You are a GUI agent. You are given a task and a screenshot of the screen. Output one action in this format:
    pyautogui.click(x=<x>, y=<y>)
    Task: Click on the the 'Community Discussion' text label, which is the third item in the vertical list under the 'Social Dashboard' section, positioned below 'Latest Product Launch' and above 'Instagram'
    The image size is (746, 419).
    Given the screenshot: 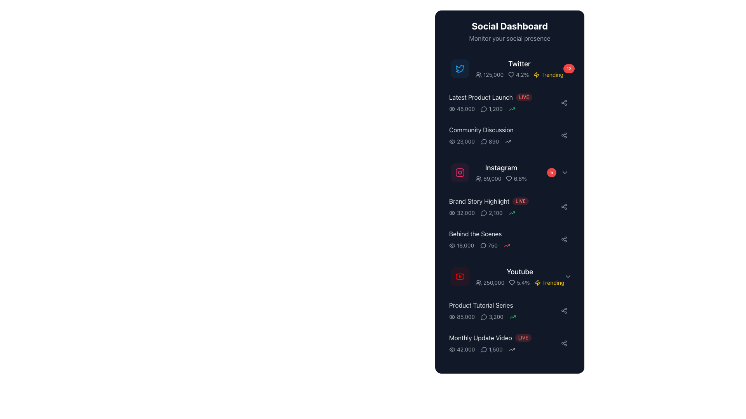 What is the action you would take?
    pyautogui.click(x=504, y=130)
    